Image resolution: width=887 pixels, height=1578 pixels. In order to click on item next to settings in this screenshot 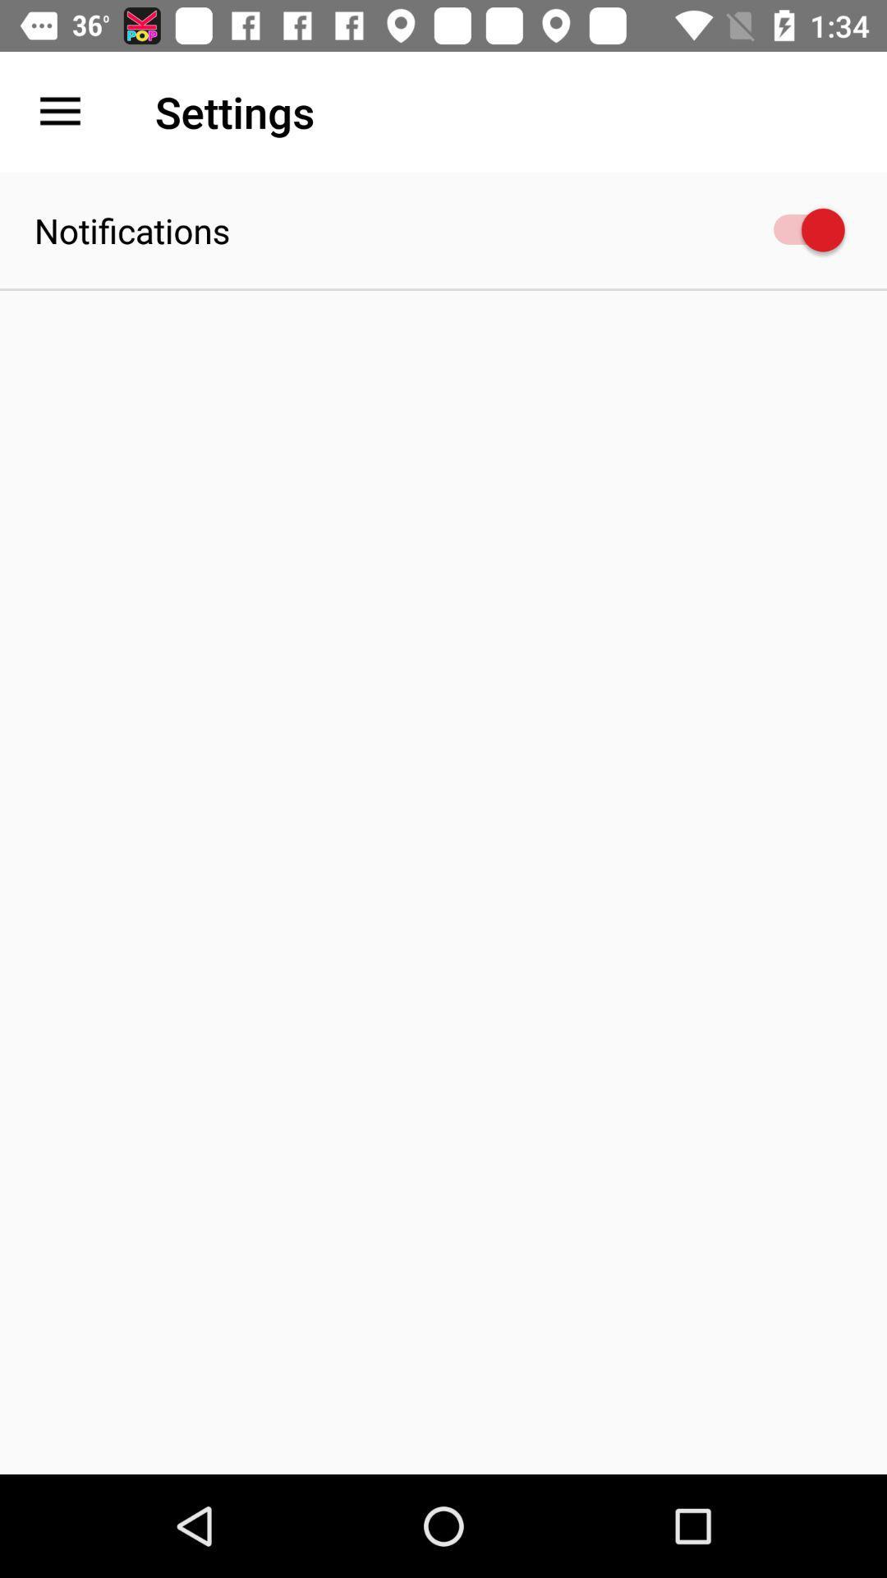, I will do `click(59, 111)`.